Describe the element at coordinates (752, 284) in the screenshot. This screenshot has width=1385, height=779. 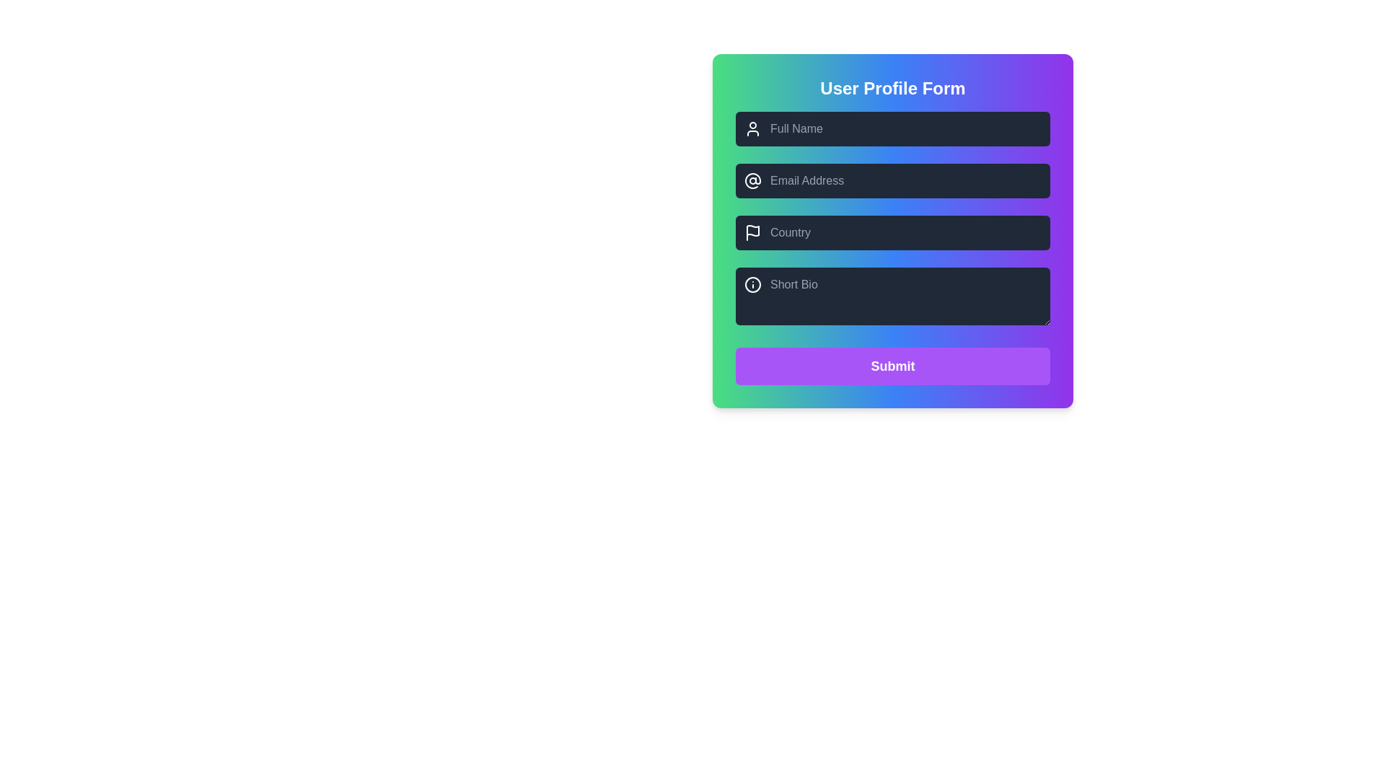
I see `the circular icon located in the top-left corner of the 'Short Bio' field` at that location.